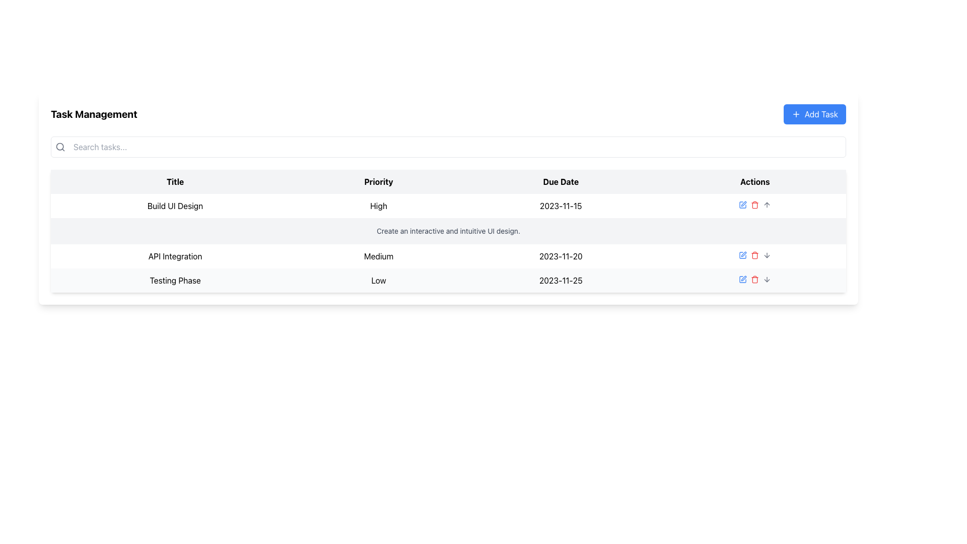 Image resolution: width=967 pixels, height=544 pixels. What do you see at coordinates (814, 114) in the screenshot?
I see `the button located at the top-right corner of the interface, to the right of the 'Task Management' title` at bounding box center [814, 114].